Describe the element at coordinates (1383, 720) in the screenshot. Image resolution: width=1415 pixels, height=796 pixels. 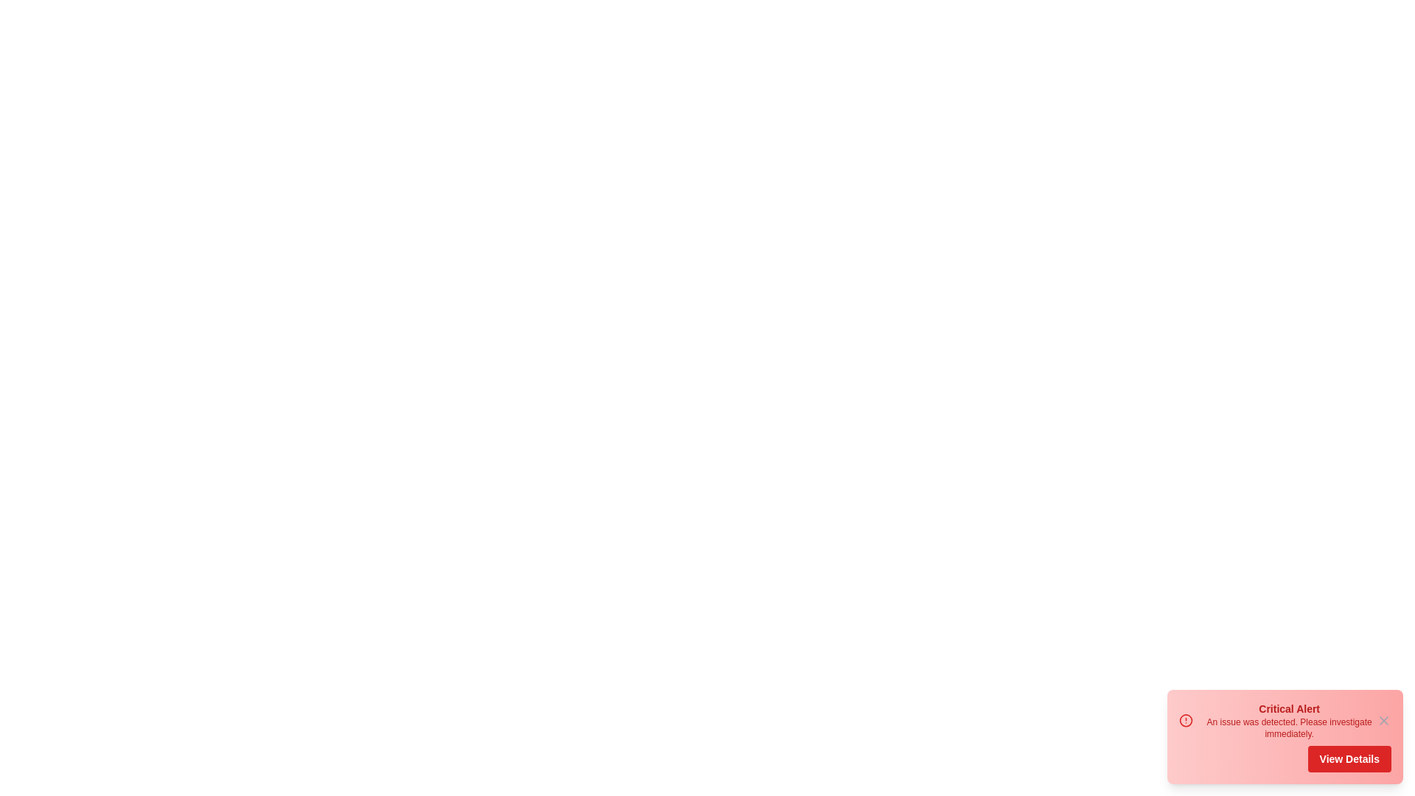
I see `the close button to dismiss the alert` at that location.